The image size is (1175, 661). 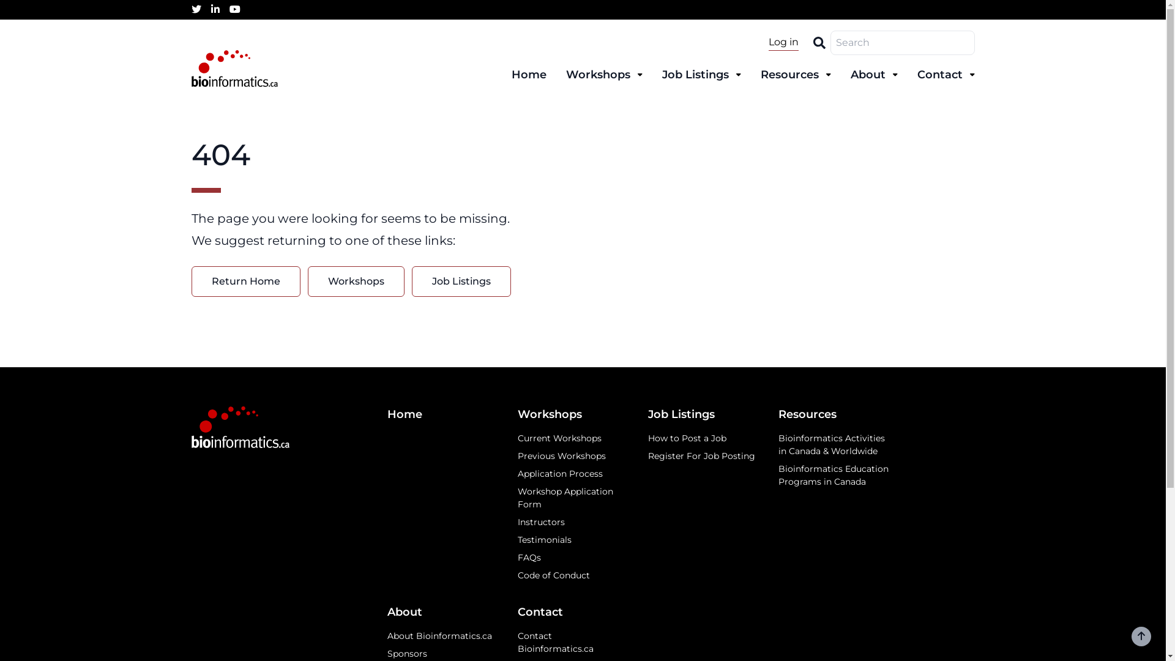 What do you see at coordinates (573, 473) in the screenshot?
I see `'Application Process'` at bounding box center [573, 473].